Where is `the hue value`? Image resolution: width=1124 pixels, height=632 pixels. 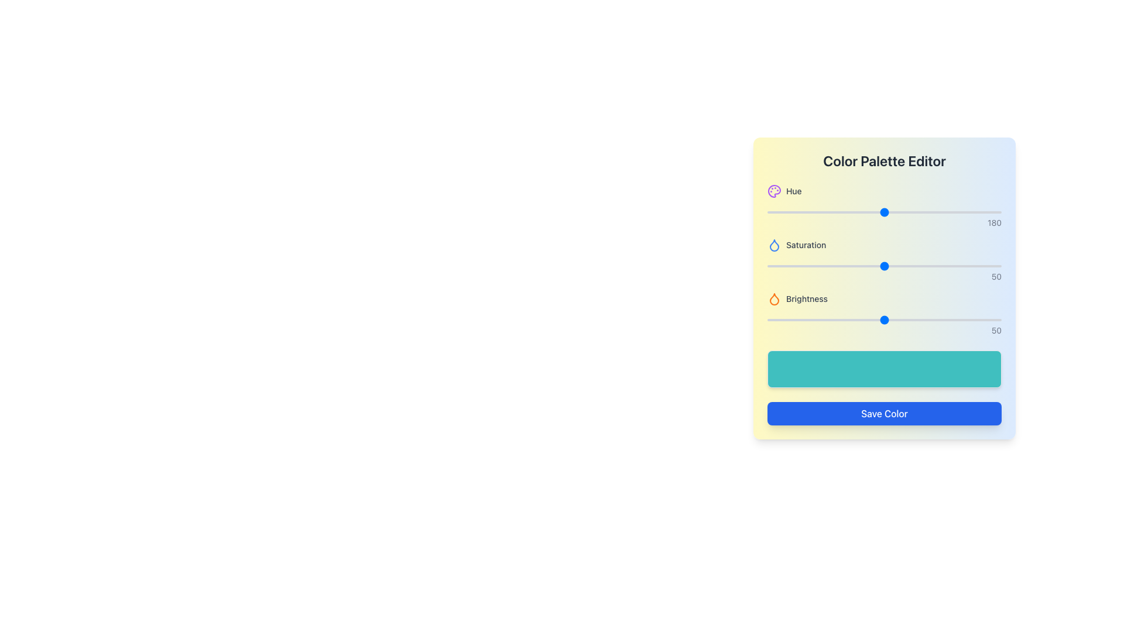 the hue value is located at coordinates (779, 212).